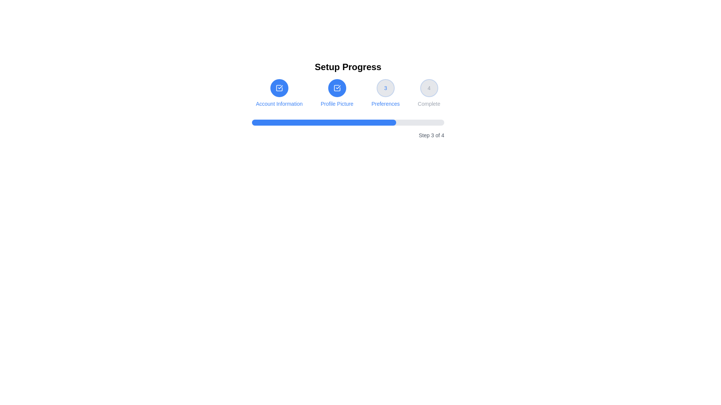 Image resolution: width=721 pixels, height=405 pixels. I want to click on the completed step icon indicating the 'Profile Picture' stage in the setup progress tracker, located above the 'Profile Picture' label, so click(336, 88).